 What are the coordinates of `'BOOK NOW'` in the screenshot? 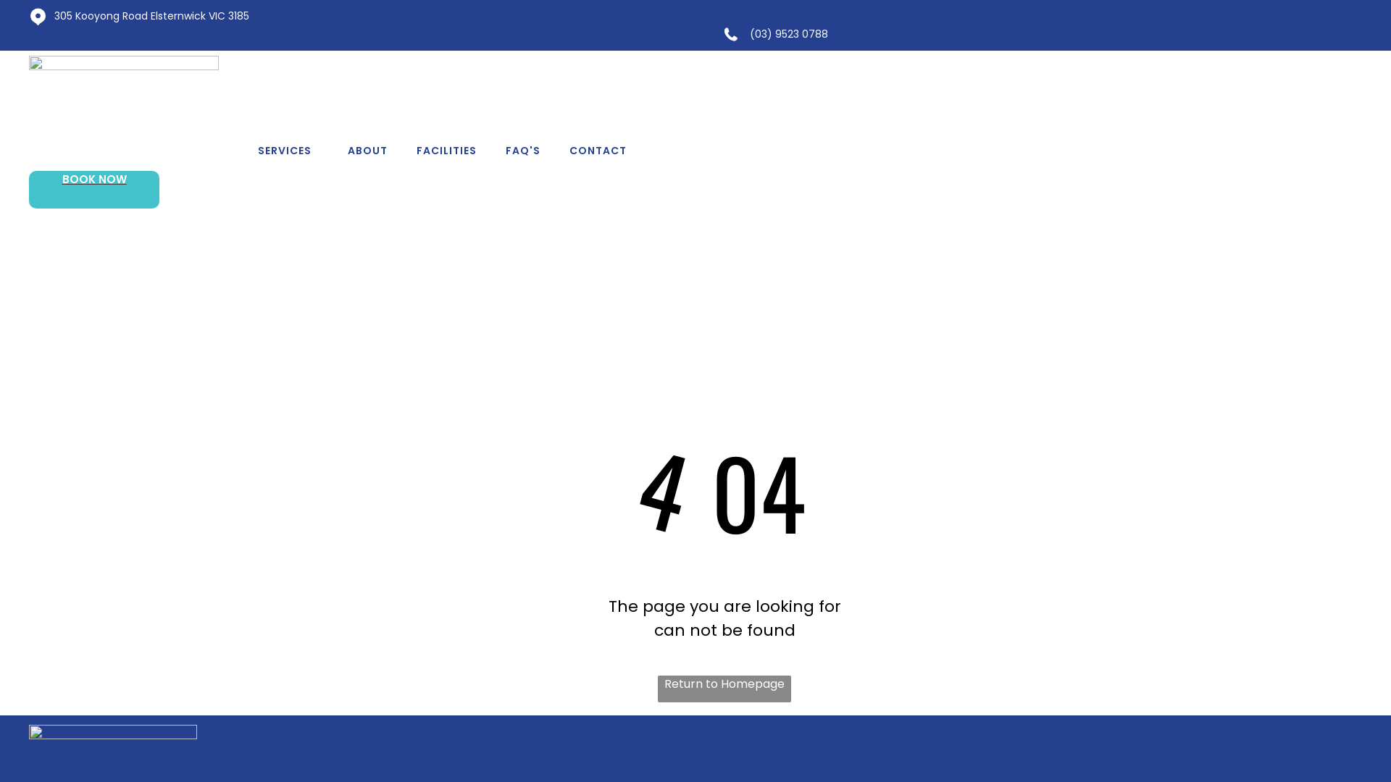 It's located at (93, 189).